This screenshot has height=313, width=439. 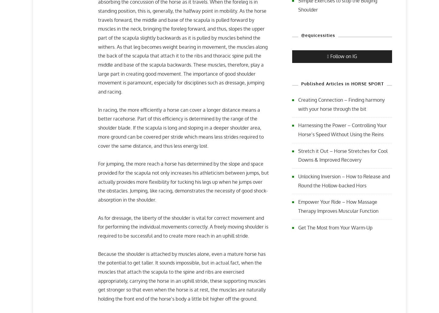 What do you see at coordinates (181, 127) in the screenshot?
I see `'In racing, the more efficiently a horse can cover a longer distance means a better racehorse. Part of this efficiency is determined by the range of the shoulder blade. If the scapula is long and sloping in a deeper shoulder area, more ground can be covered per stride which means less strides required to cover the same distance, and thus less energy lost.'` at bounding box center [181, 127].